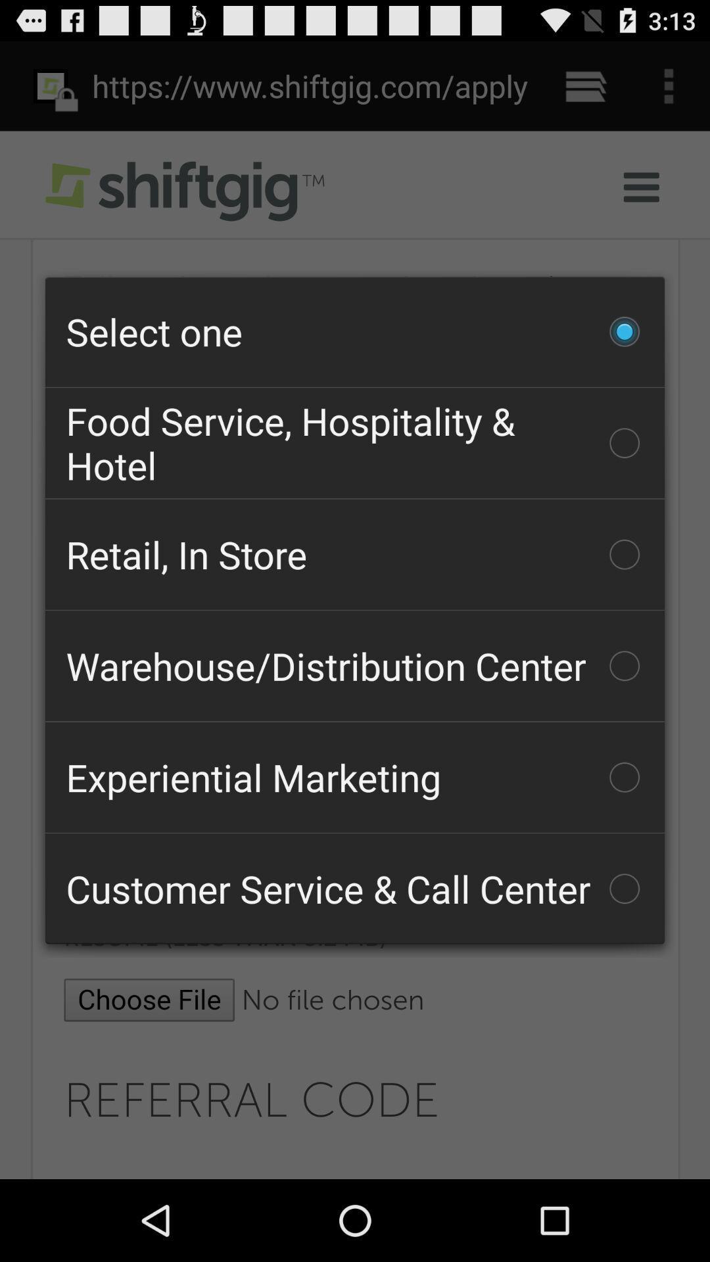 The width and height of the screenshot is (710, 1262). Describe the element at coordinates (355, 331) in the screenshot. I see `select one icon` at that location.